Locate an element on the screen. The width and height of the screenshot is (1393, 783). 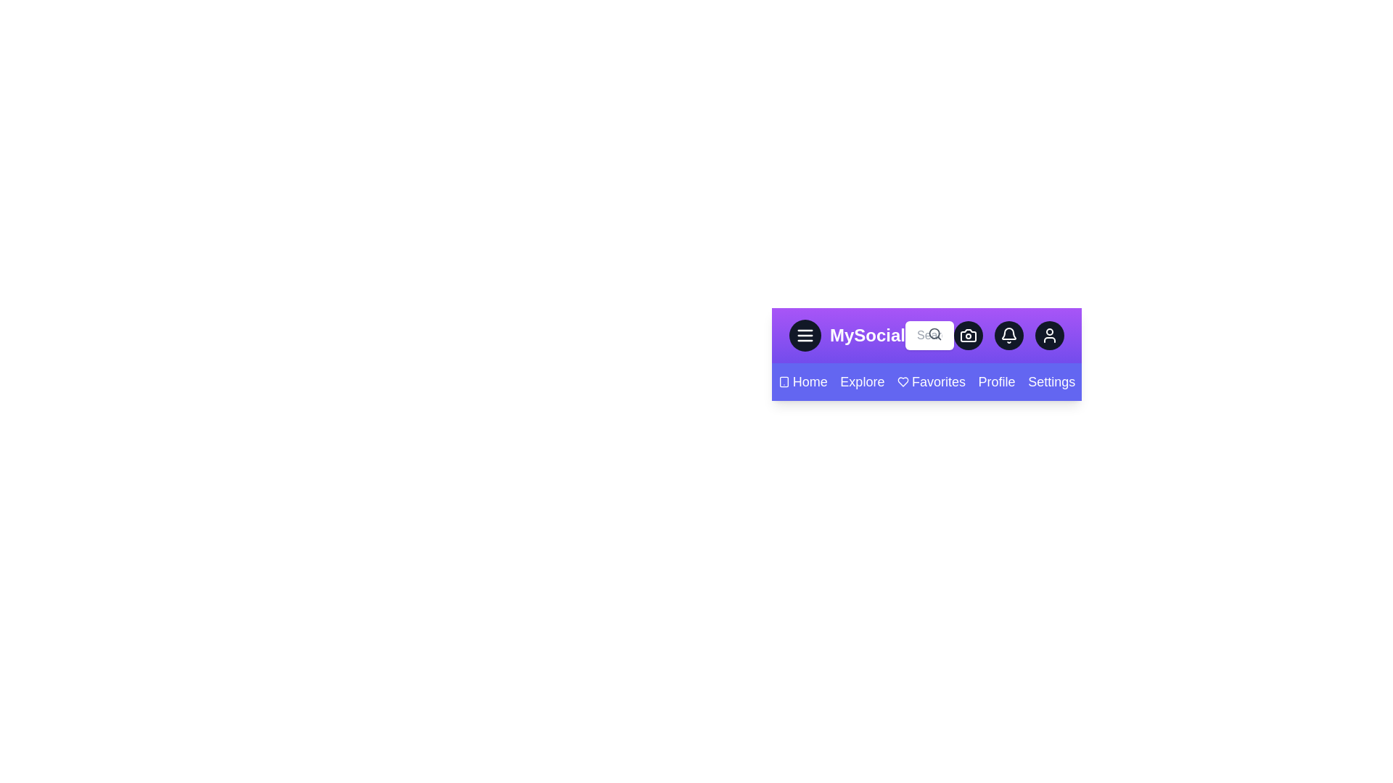
the user button to access user-related options is located at coordinates (1049, 335).